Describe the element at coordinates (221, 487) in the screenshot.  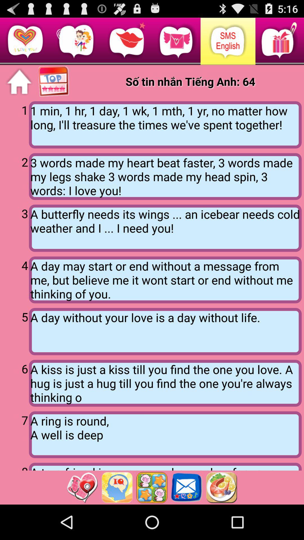
I see `this option` at that location.